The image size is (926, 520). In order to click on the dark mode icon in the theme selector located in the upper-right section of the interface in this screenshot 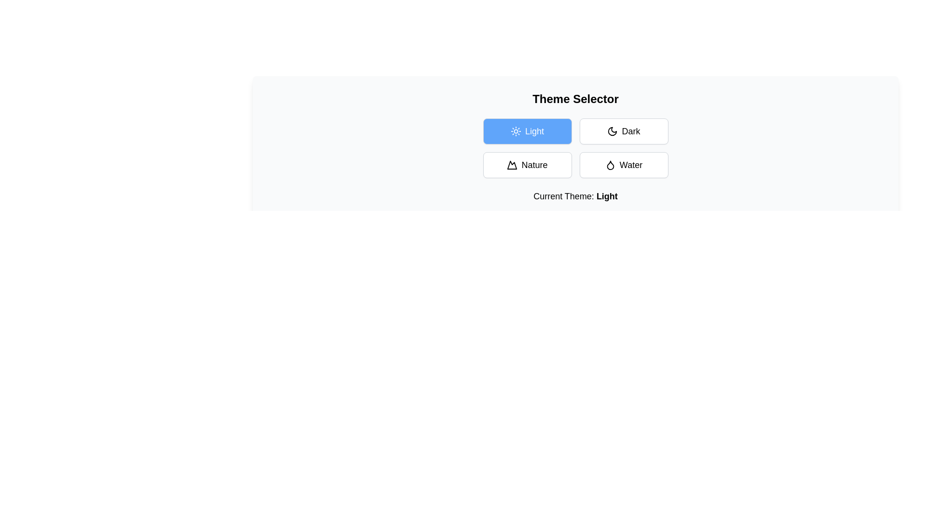, I will do `click(612, 131)`.